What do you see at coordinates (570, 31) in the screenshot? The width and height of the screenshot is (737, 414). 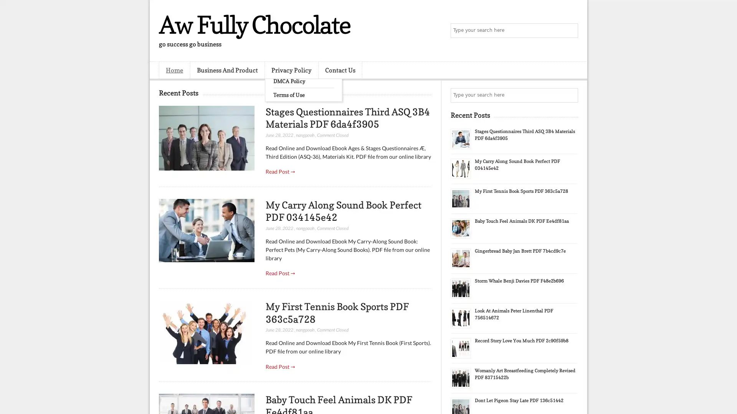 I see `Search` at bounding box center [570, 31].